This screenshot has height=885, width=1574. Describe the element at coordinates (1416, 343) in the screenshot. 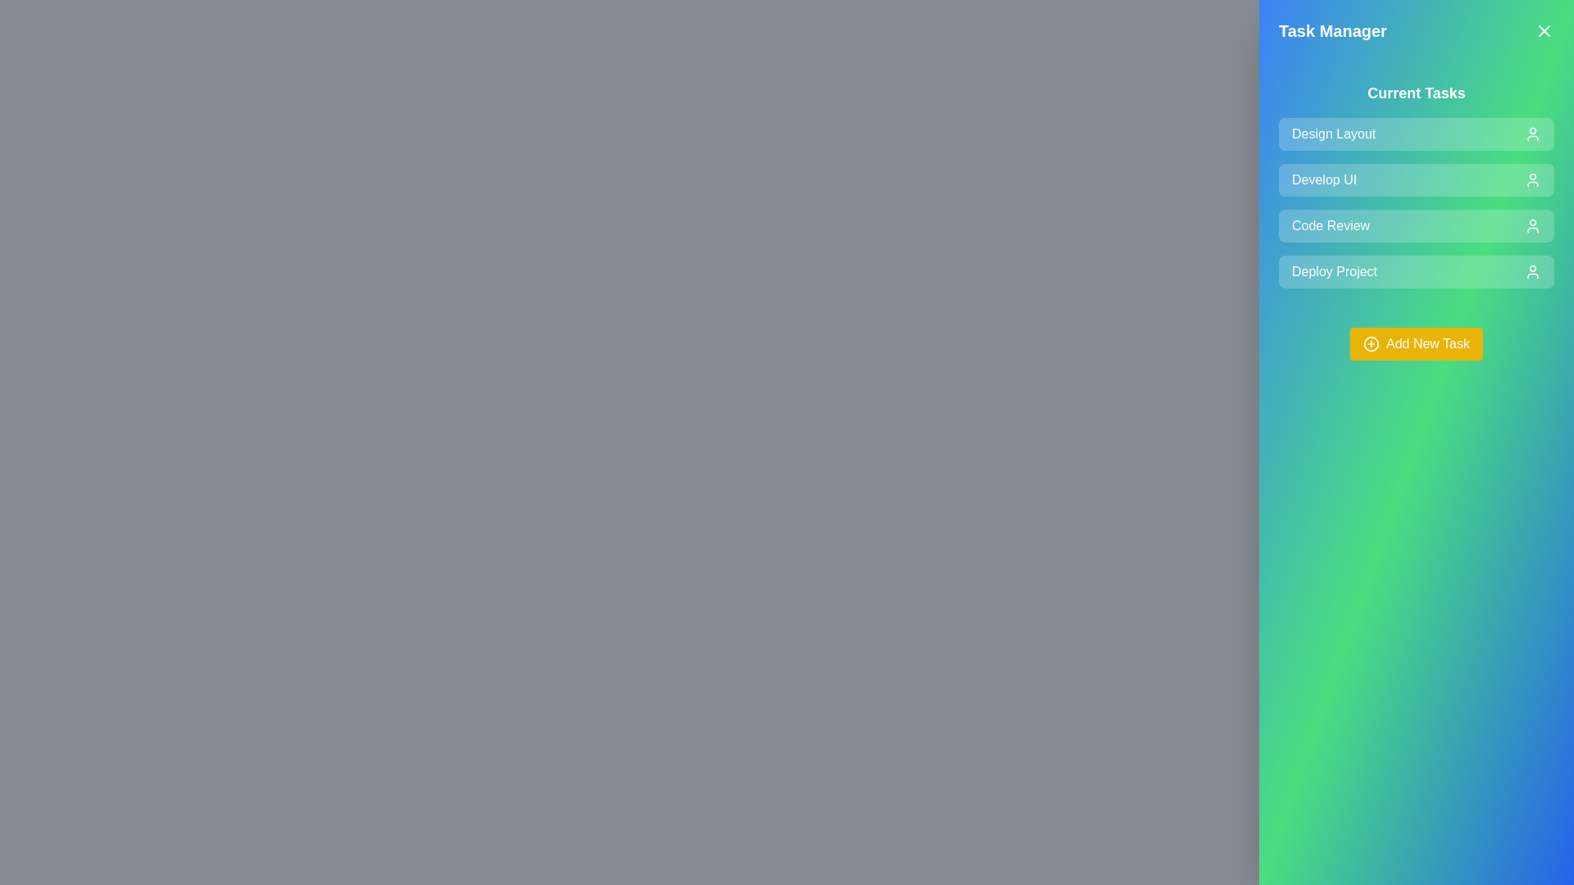

I see `the centrally aligned button at the bottom of the task manager panel` at that location.